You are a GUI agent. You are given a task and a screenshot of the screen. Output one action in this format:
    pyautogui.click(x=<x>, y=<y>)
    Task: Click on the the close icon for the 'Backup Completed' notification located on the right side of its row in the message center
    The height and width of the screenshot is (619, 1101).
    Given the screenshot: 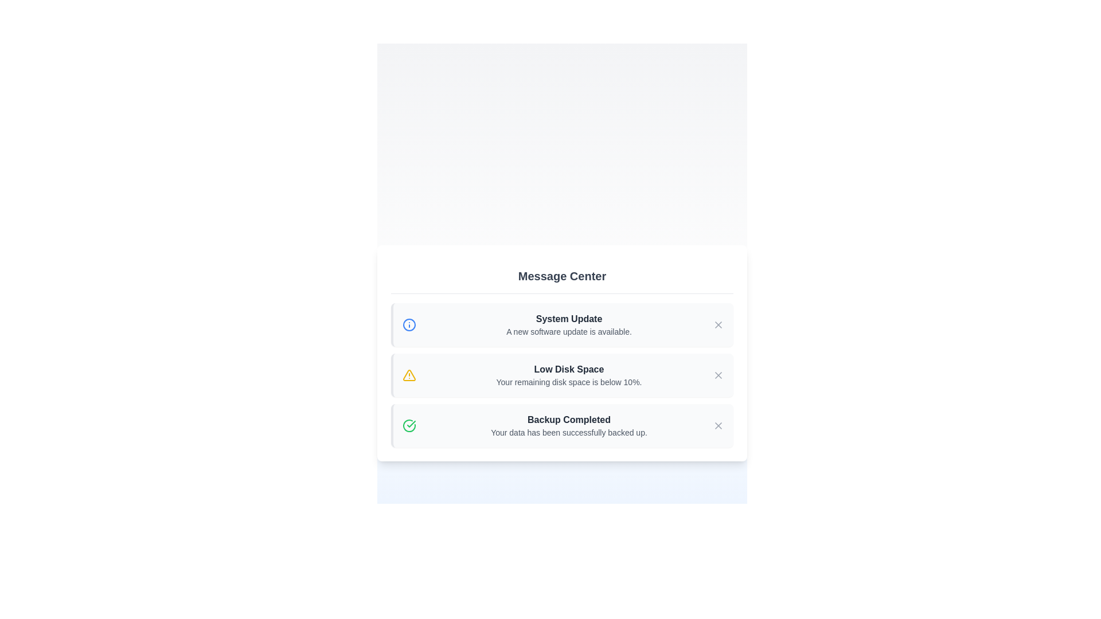 What is the action you would take?
    pyautogui.click(x=717, y=425)
    